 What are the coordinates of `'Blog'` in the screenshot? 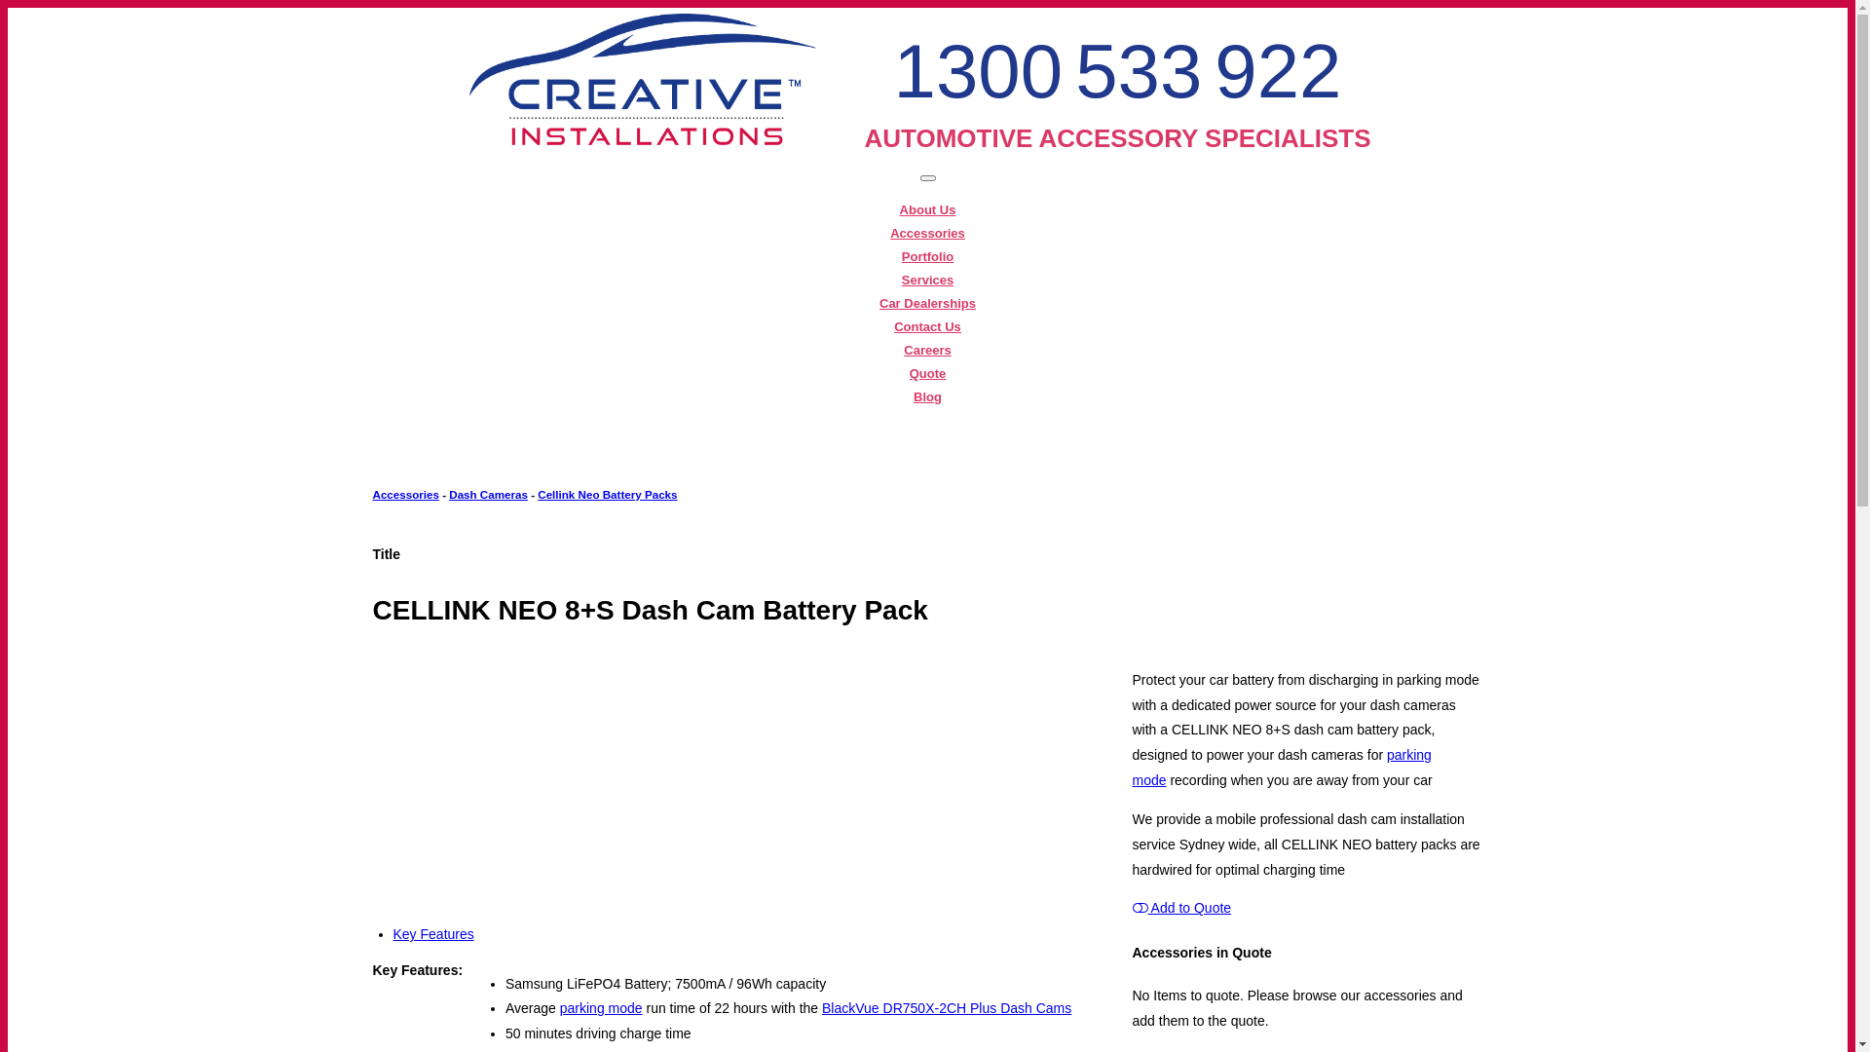 It's located at (901, 395).